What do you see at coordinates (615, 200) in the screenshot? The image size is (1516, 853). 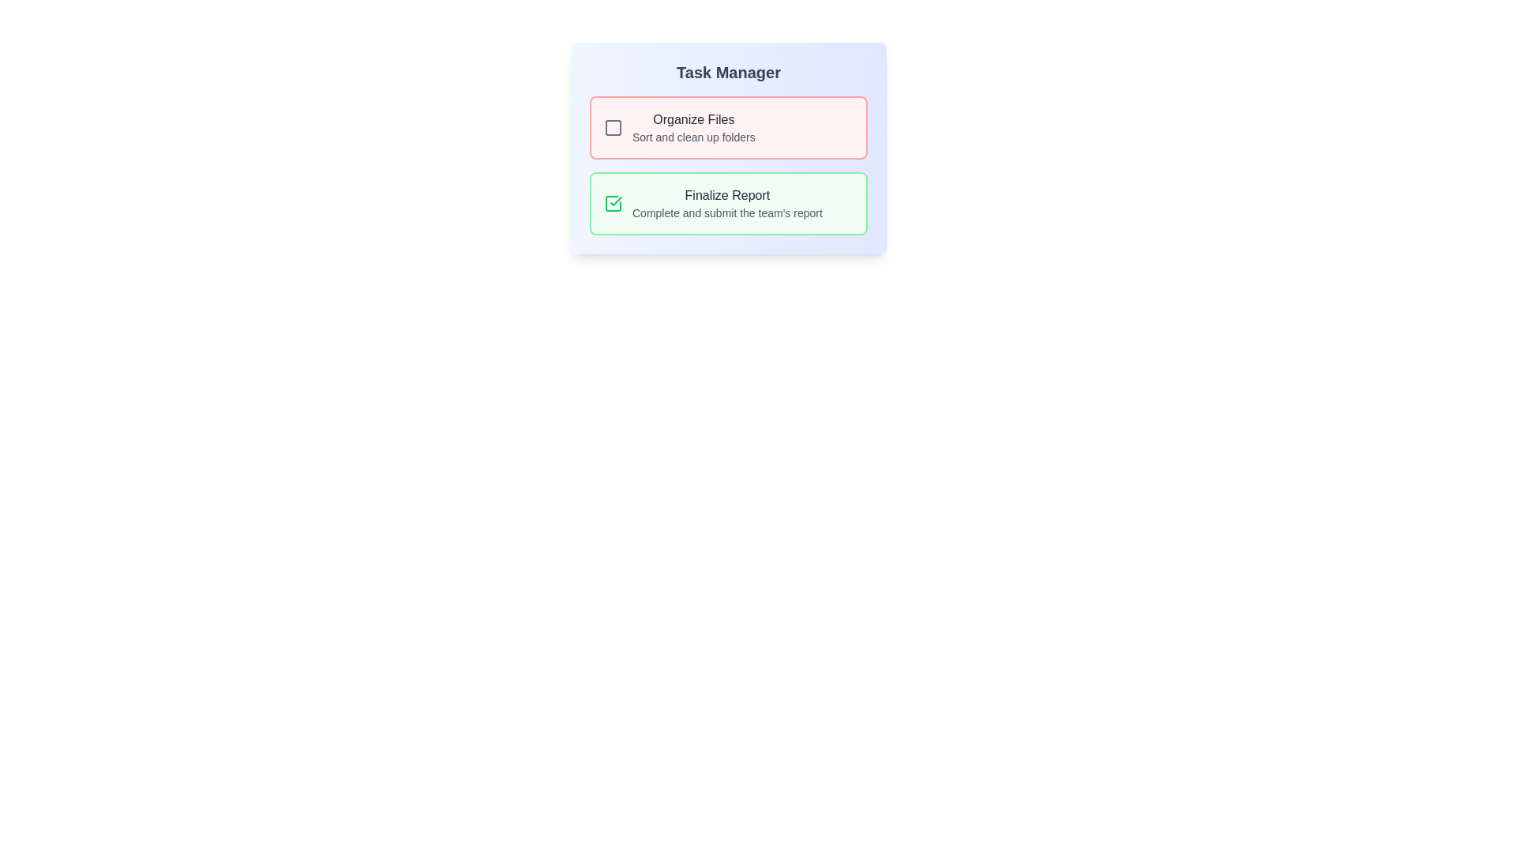 I see `the green checkmark icon indicating completion or approval, which is located within the green-bordered section labeled 'Finalize Report' in the Task Manager box` at bounding box center [615, 200].